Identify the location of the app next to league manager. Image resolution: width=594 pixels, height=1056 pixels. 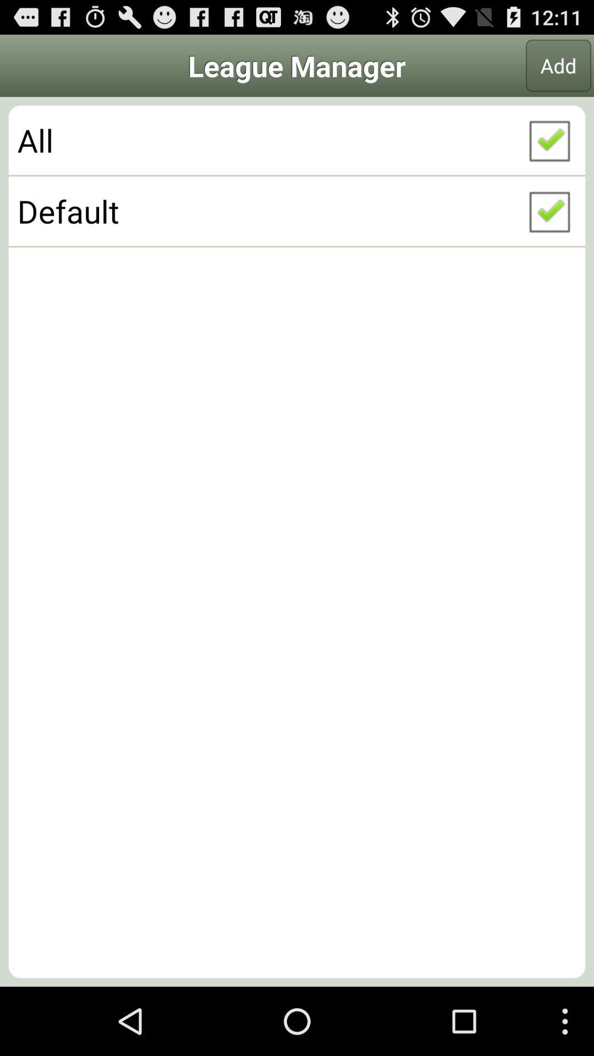
(558, 65).